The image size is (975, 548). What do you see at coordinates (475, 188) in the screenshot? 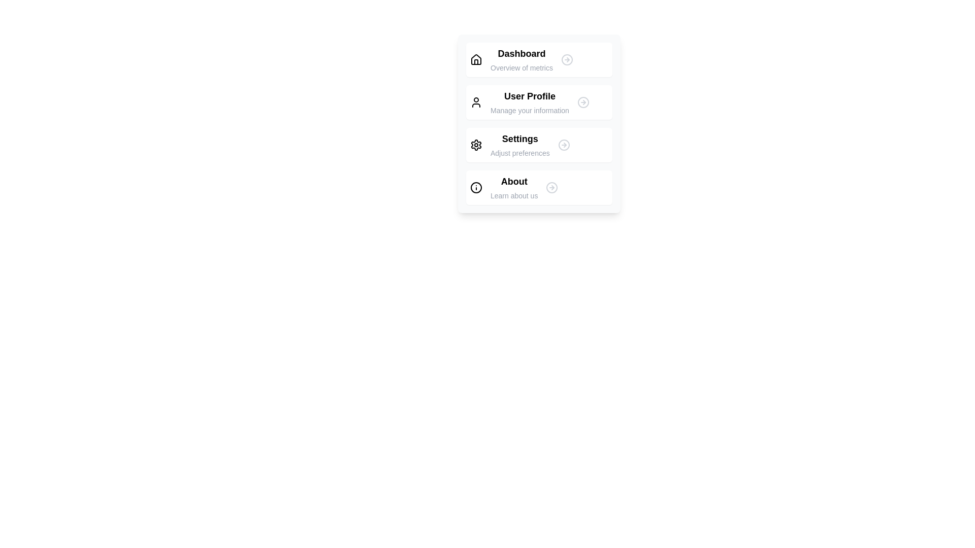
I see `the SVG circle graphic that visually represents the main circular outline of the informational icon located to the left of the 'About' button in the bottom section of the vertical menu` at bounding box center [475, 188].